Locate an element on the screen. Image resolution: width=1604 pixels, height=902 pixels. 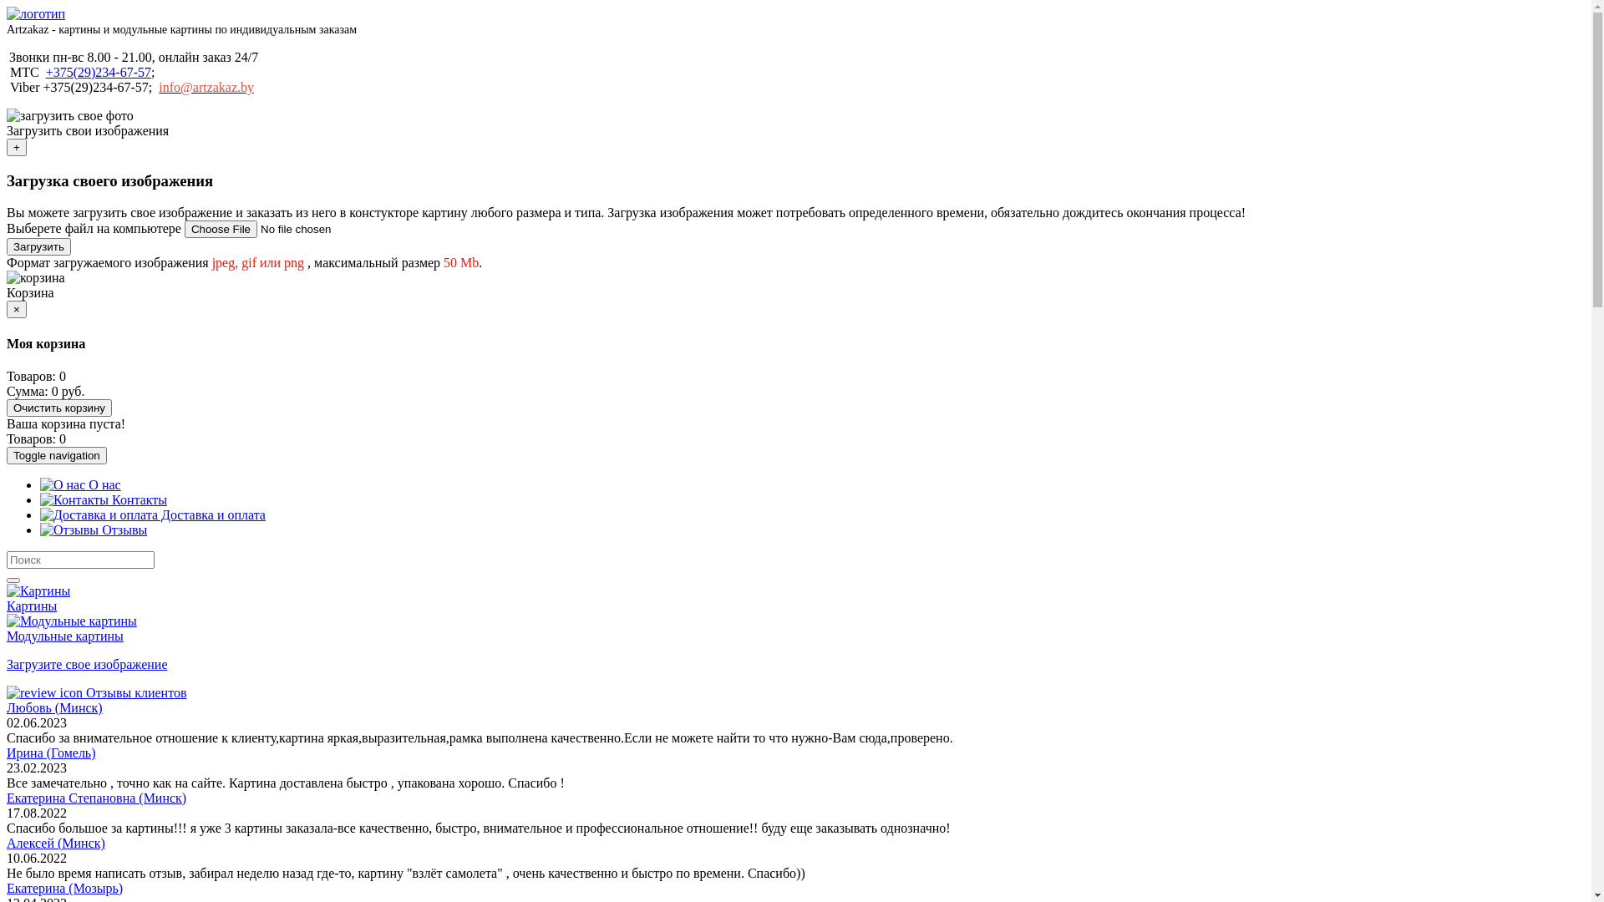
'+375(29)234-67-57' is located at coordinates (98, 71).